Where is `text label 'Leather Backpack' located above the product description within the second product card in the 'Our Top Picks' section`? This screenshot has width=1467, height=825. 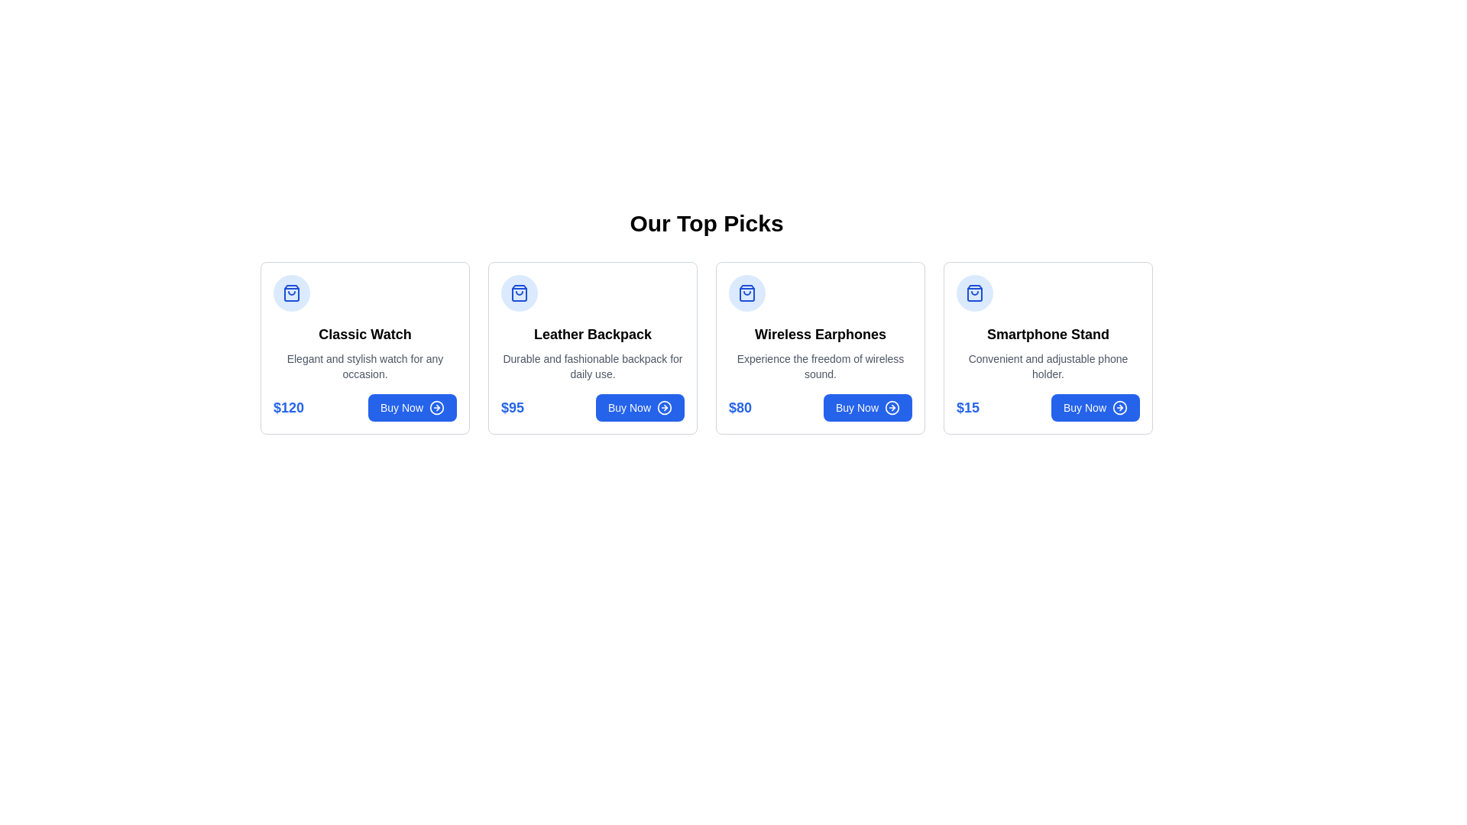
text label 'Leather Backpack' located above the product description within the second product card in the 'Our Top Picks' section is located at coordinates (592, 334).